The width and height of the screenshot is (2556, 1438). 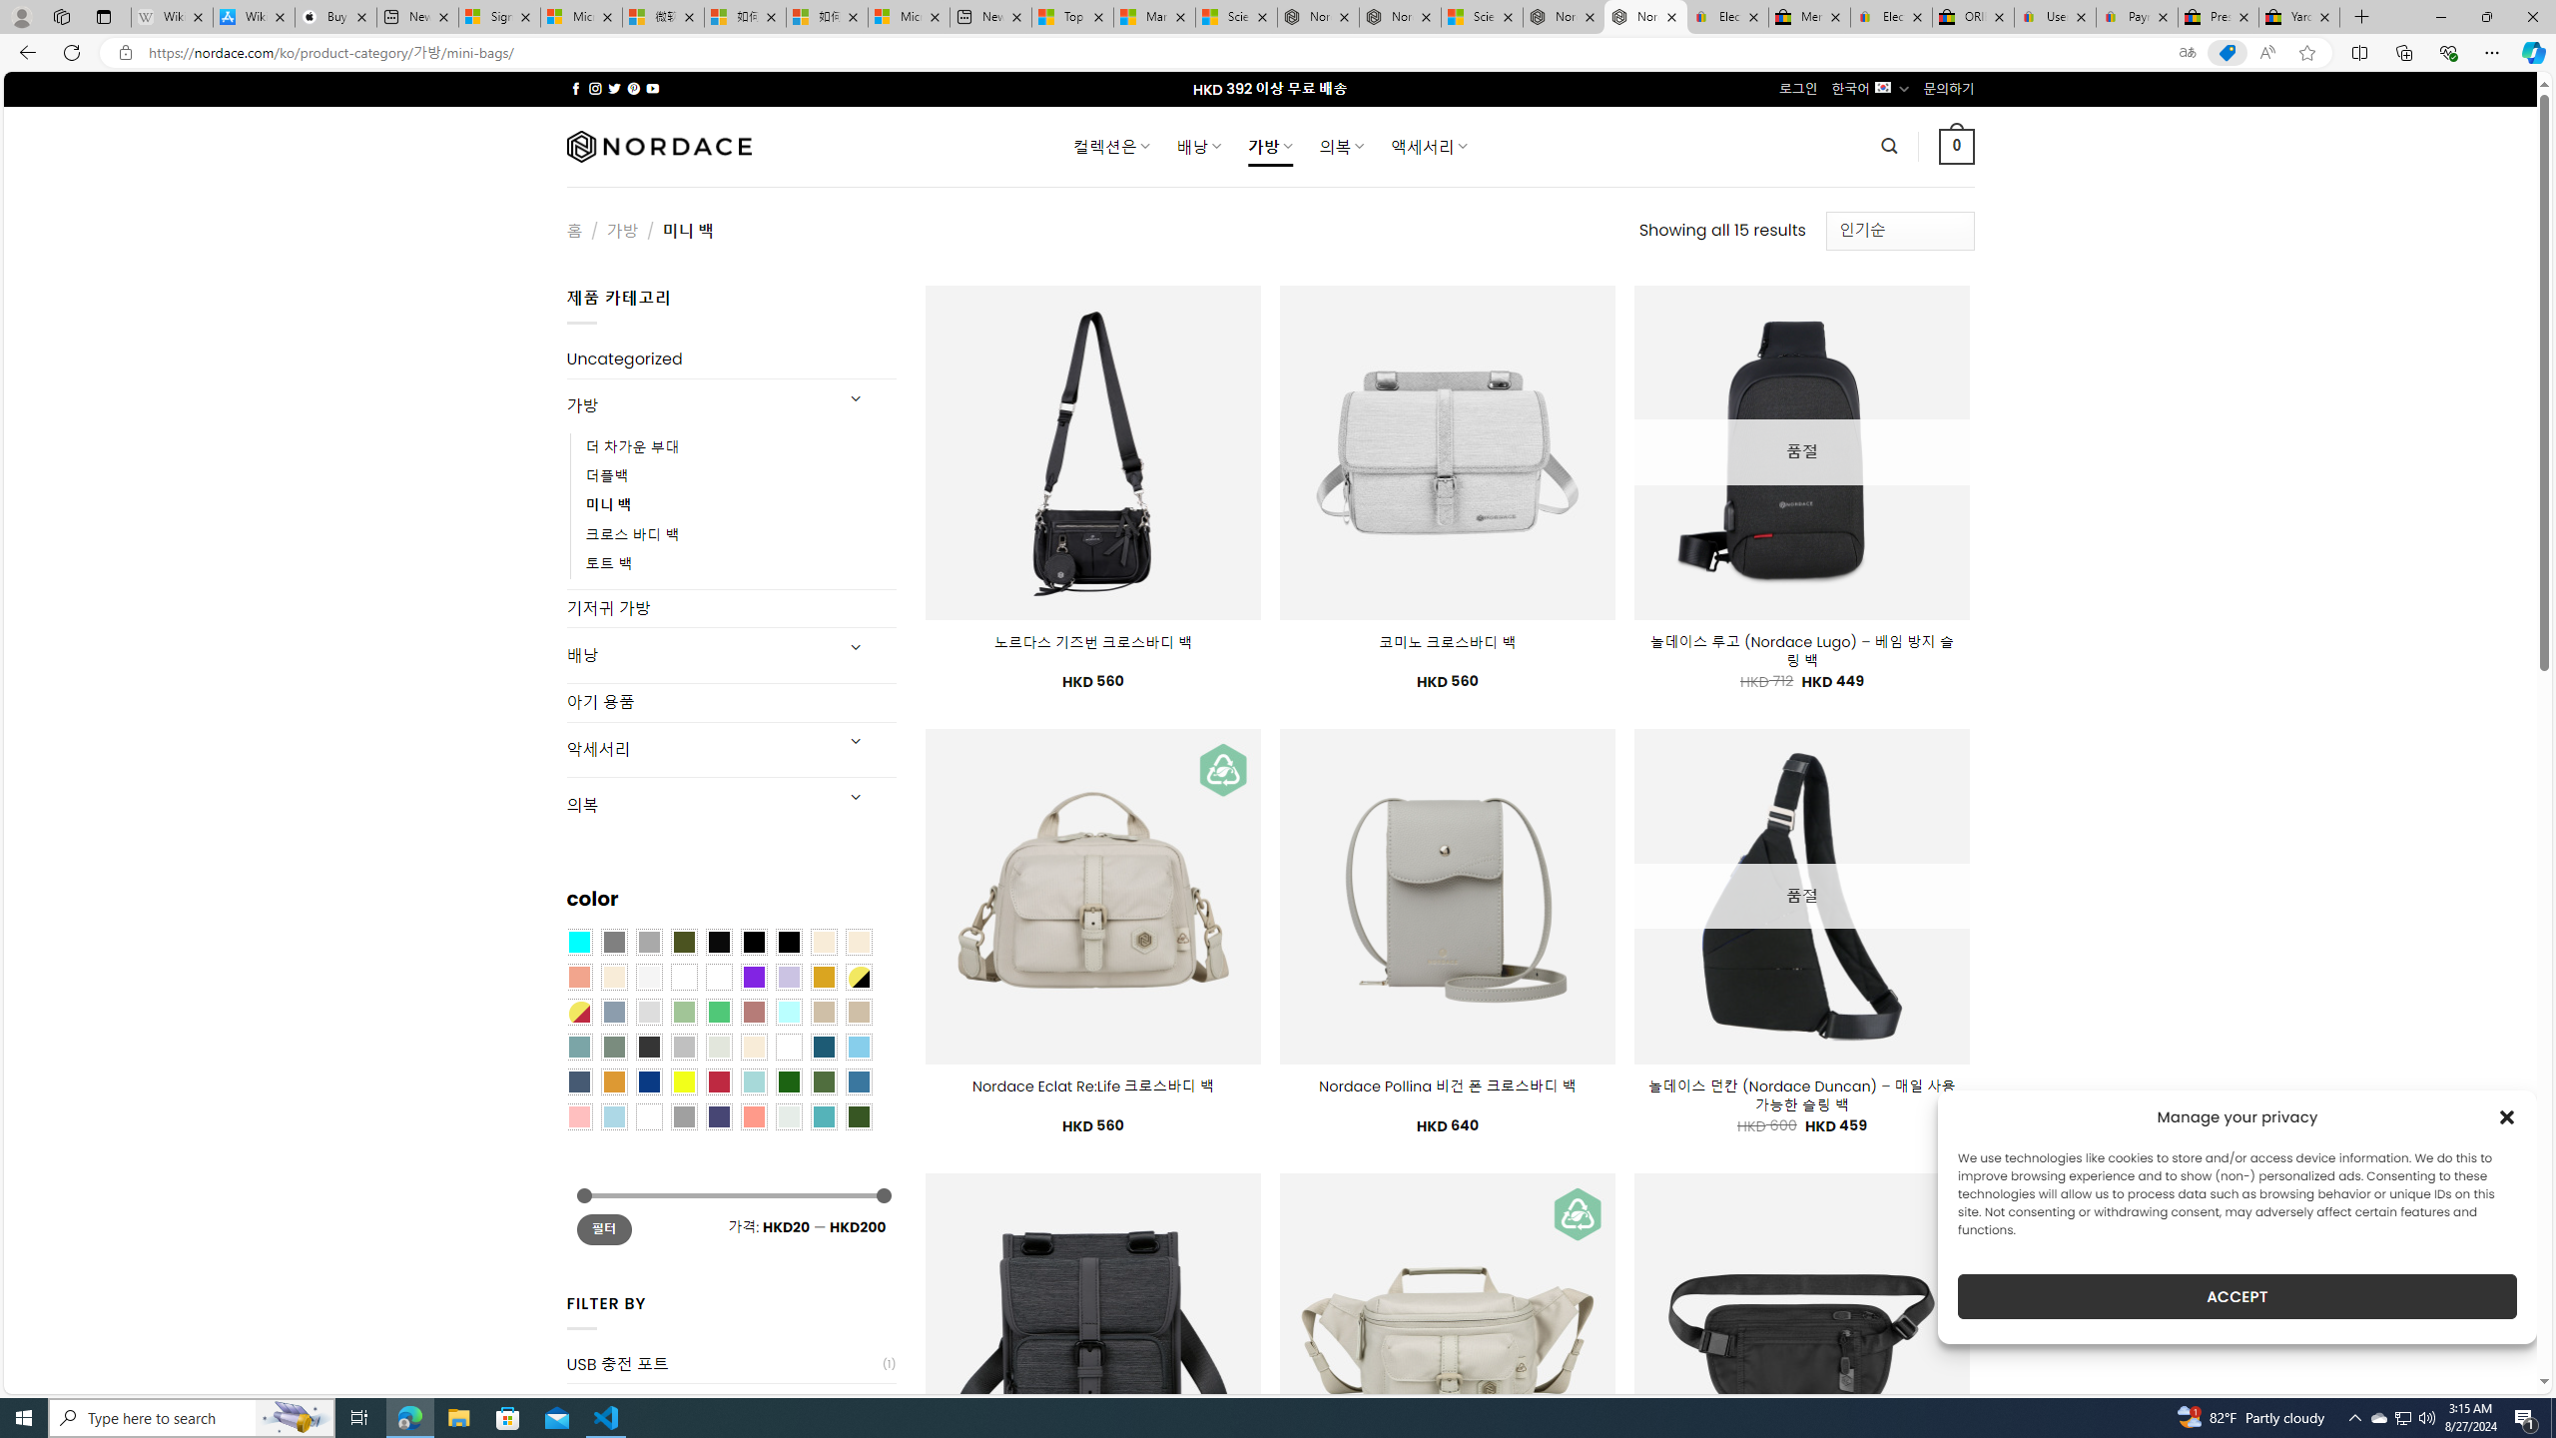 What do you see at coordinates (2187, 53) in the screenshot?
I see `'Show translate options'` at bounding box center [2187, 53].